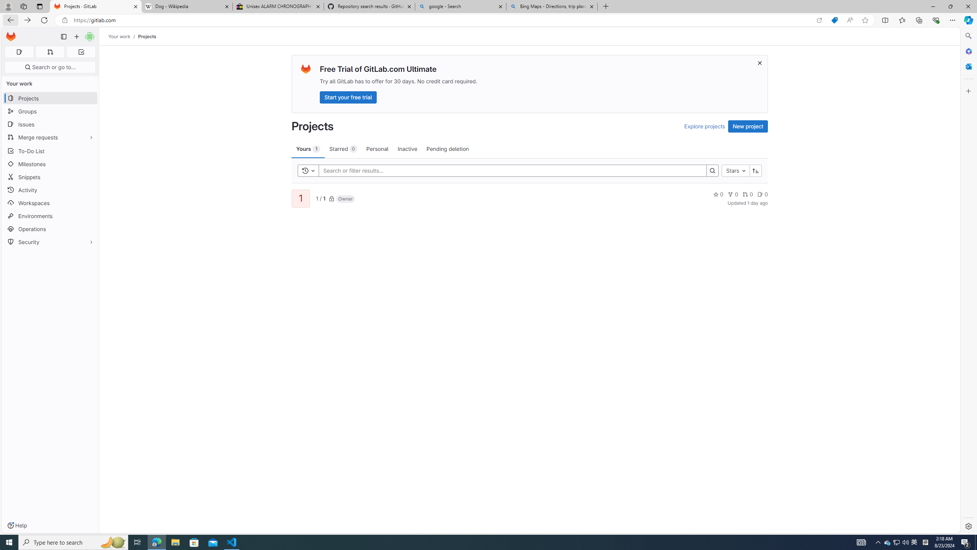 The width and height of the screenshot is (977, 550). Describe the element at coordinates (747, 126) in the screenshot. I see `'New project'` at that location.